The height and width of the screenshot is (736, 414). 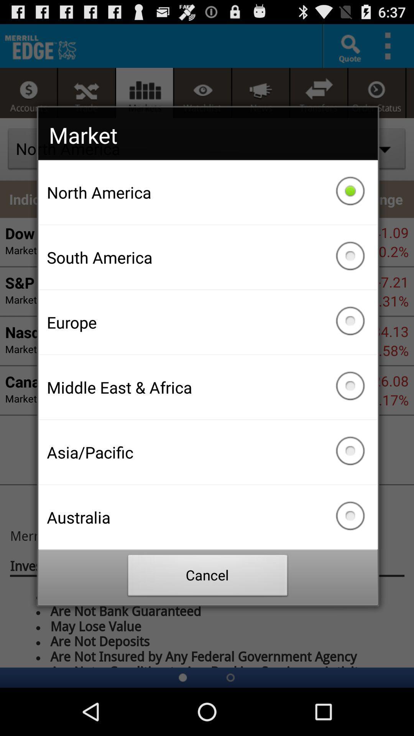 What do you see at coordinates (208, 577) in the screenshot?
I see `the icon below australia` at bounding box center [208, 577].